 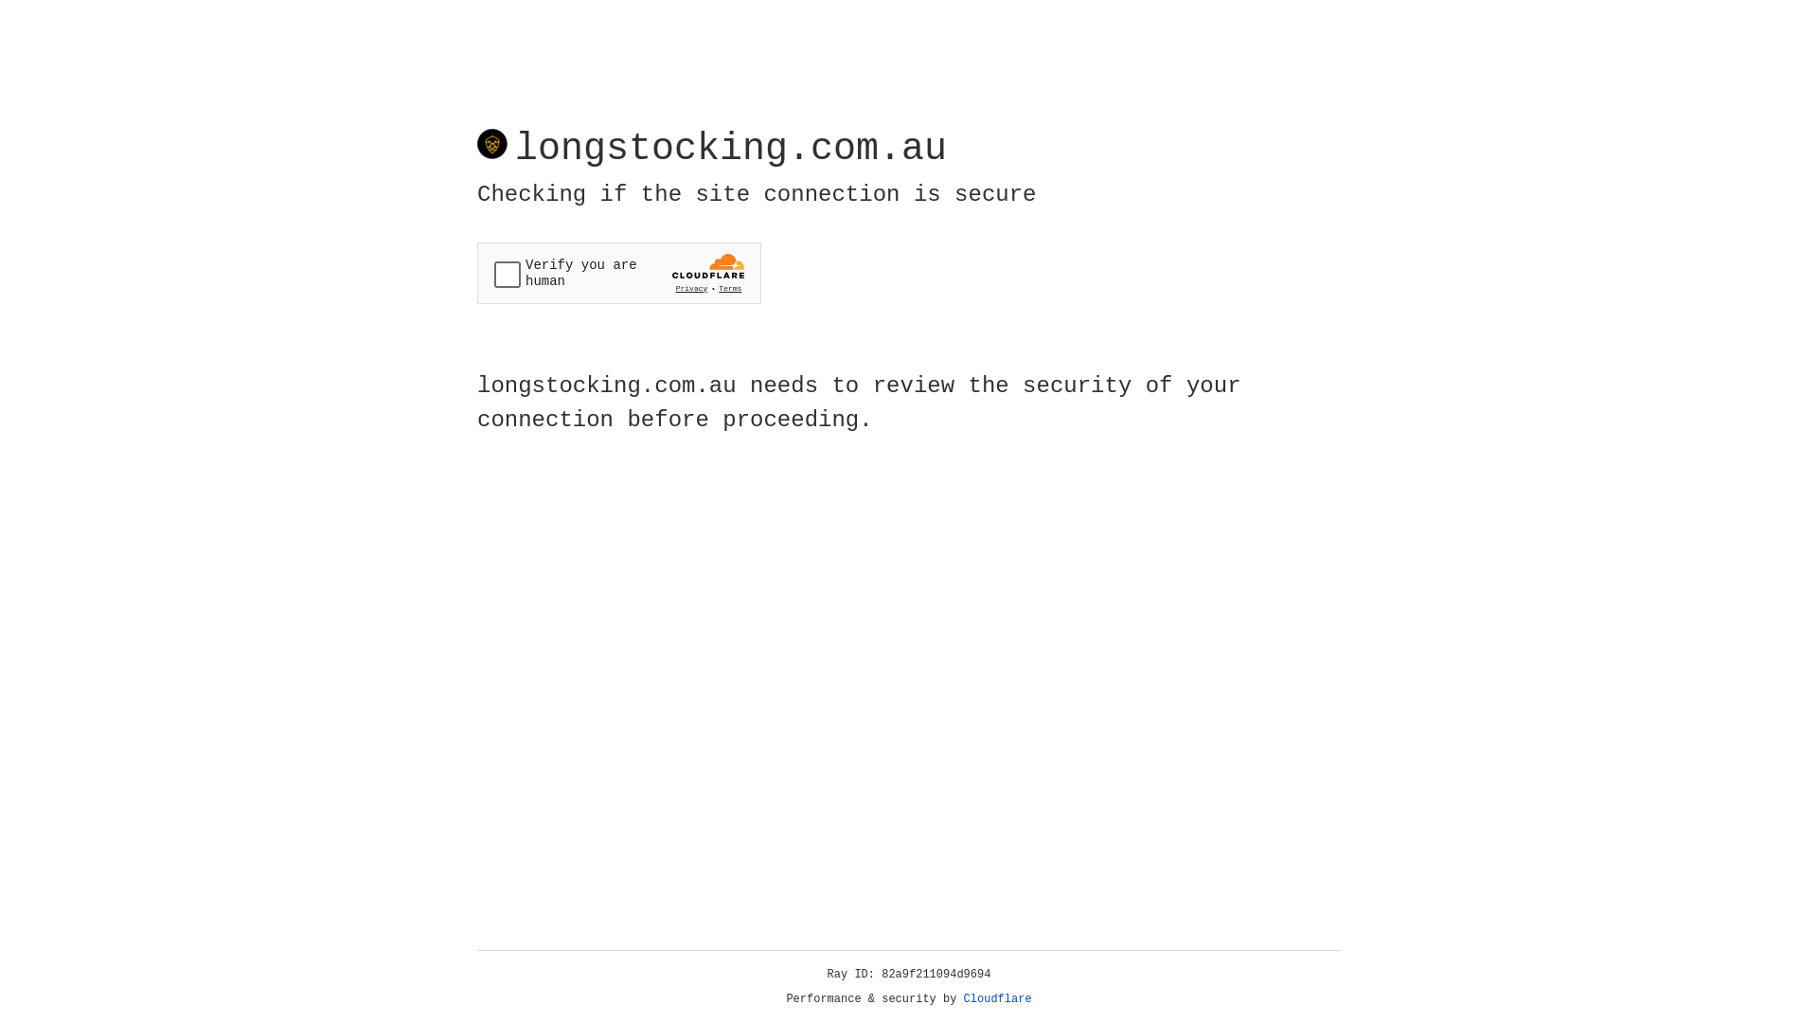 What do you see at coordinates (997, 998) in the screenshot?
I see `'Cloudflare'` at bounding box center [997, 998].